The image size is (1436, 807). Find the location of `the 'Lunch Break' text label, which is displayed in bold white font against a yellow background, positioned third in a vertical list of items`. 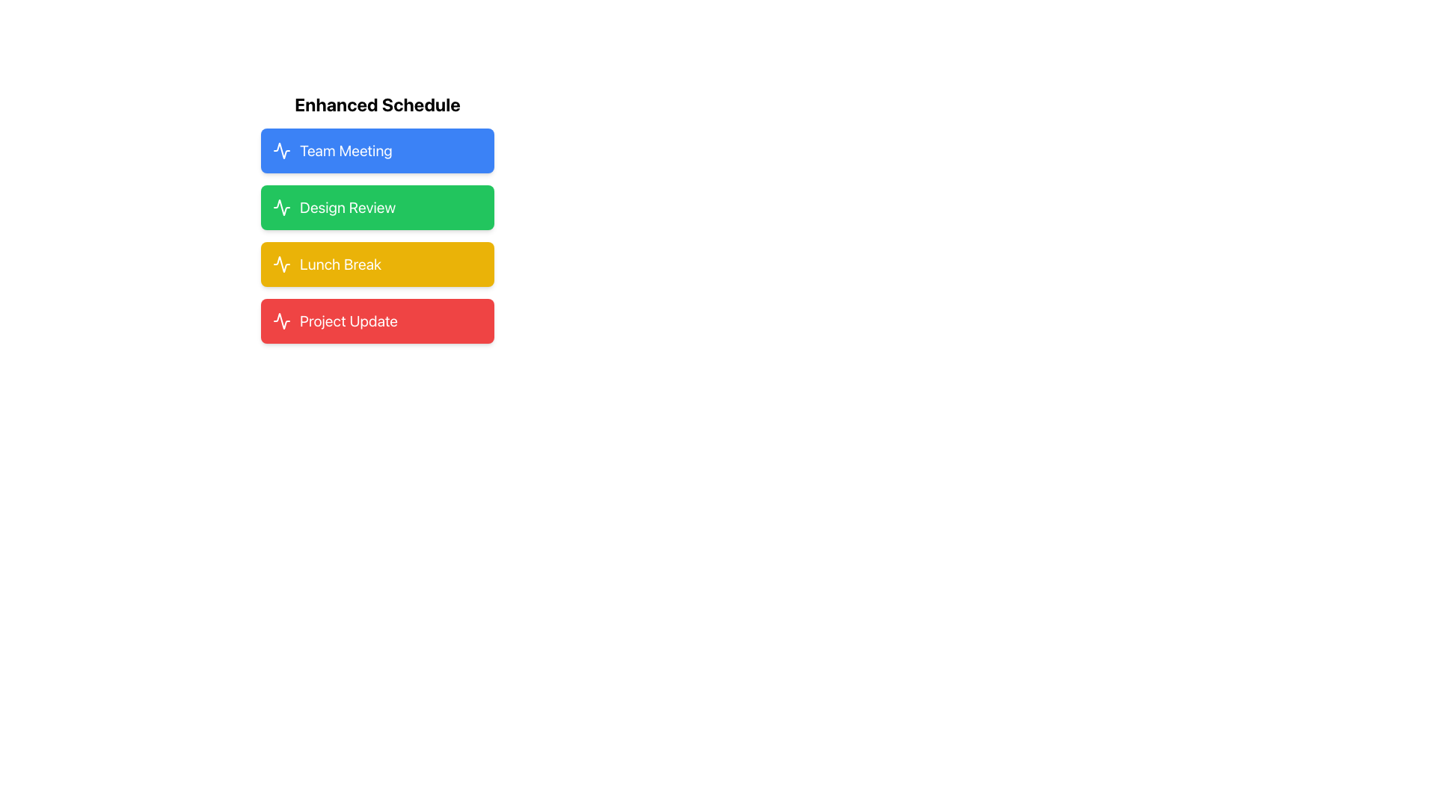

the 'Lunch Break' text label, which is displayed in bold white font against a yellow background, positioned third in a vertical list of items is located at coordinates (340, 264).